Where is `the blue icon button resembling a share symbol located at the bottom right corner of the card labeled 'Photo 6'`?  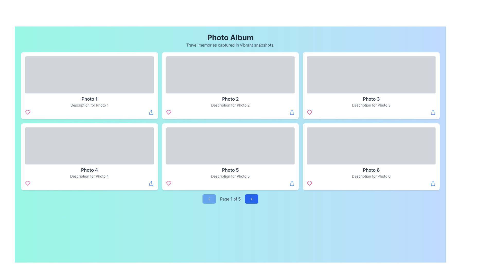 the blue icon button resembling a share symbol located at the bottom right corner of the card labeled 'Photo 6' is located at coordinates (433, 112).